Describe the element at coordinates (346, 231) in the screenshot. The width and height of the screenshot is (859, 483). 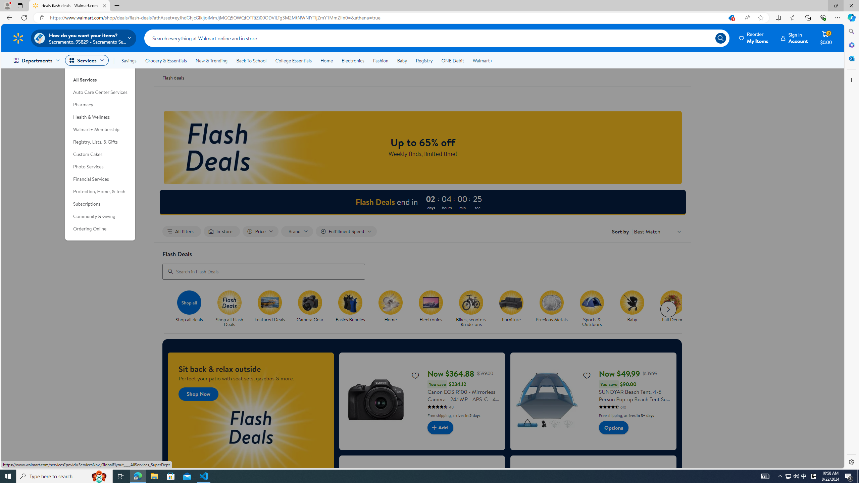
I see `'Filter by Fulfillment Speed not applied, activate to change'` at that location.